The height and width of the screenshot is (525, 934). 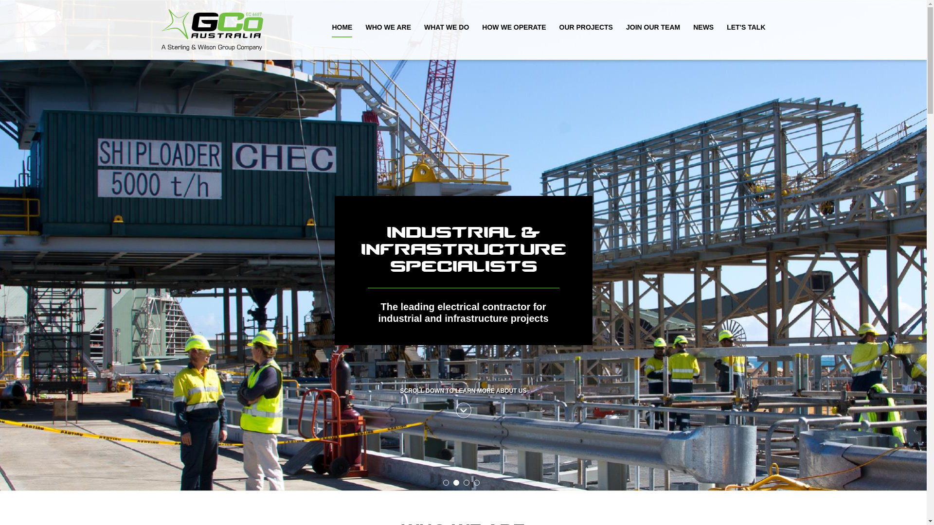 What do you see at coordinates (745, 27) in the screenshot?
I see `'LET'S TALK'` at bounding box center [745, 27].